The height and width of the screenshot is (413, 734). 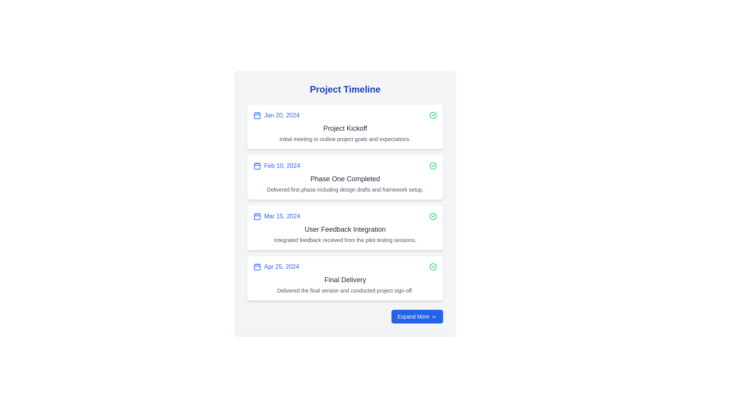 I want to click on the SVG calendar icon representing the date 'Apr 25, 2024', located to the left of the text in the fourth item under 'Project Timeline', so click(x=257, y=267).